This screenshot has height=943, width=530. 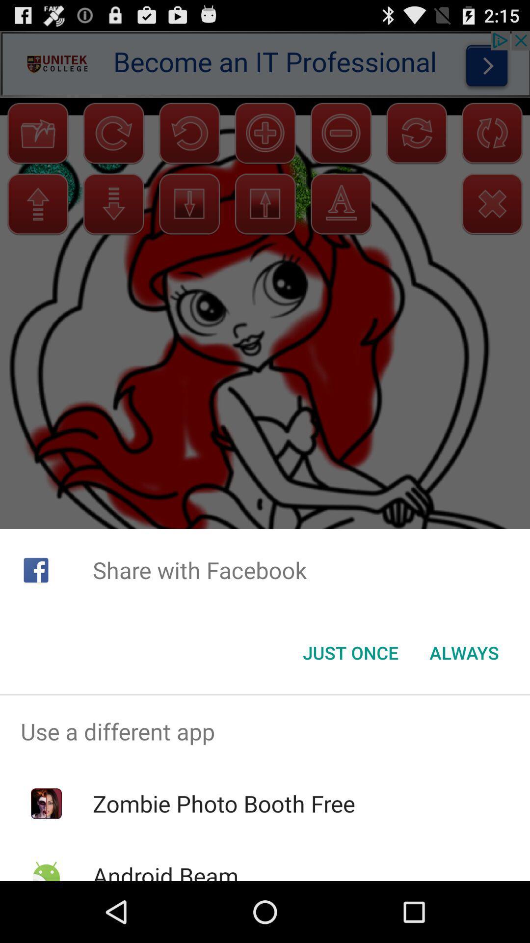 I want to click on the item below the share with facebook app, so click(x=350, y=653).